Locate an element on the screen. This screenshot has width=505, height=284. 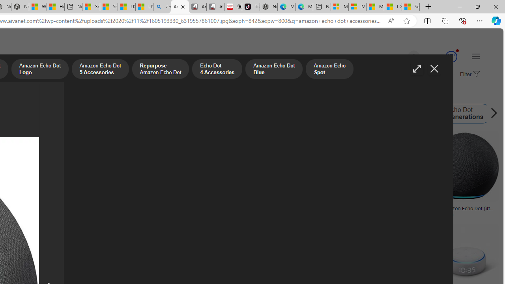
'Settings and quick links' is located at coordinates (475, 56).